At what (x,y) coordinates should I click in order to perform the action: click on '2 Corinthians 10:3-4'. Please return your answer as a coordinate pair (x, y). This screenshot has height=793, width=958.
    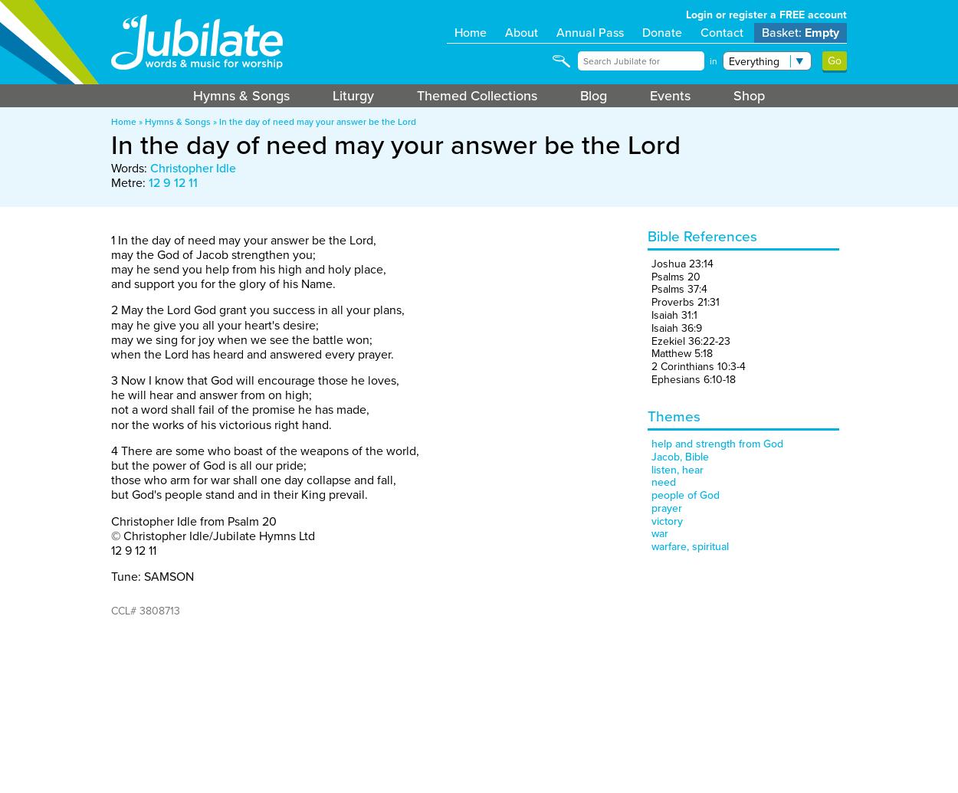
    Looking at the image, I should click on (698, 366).